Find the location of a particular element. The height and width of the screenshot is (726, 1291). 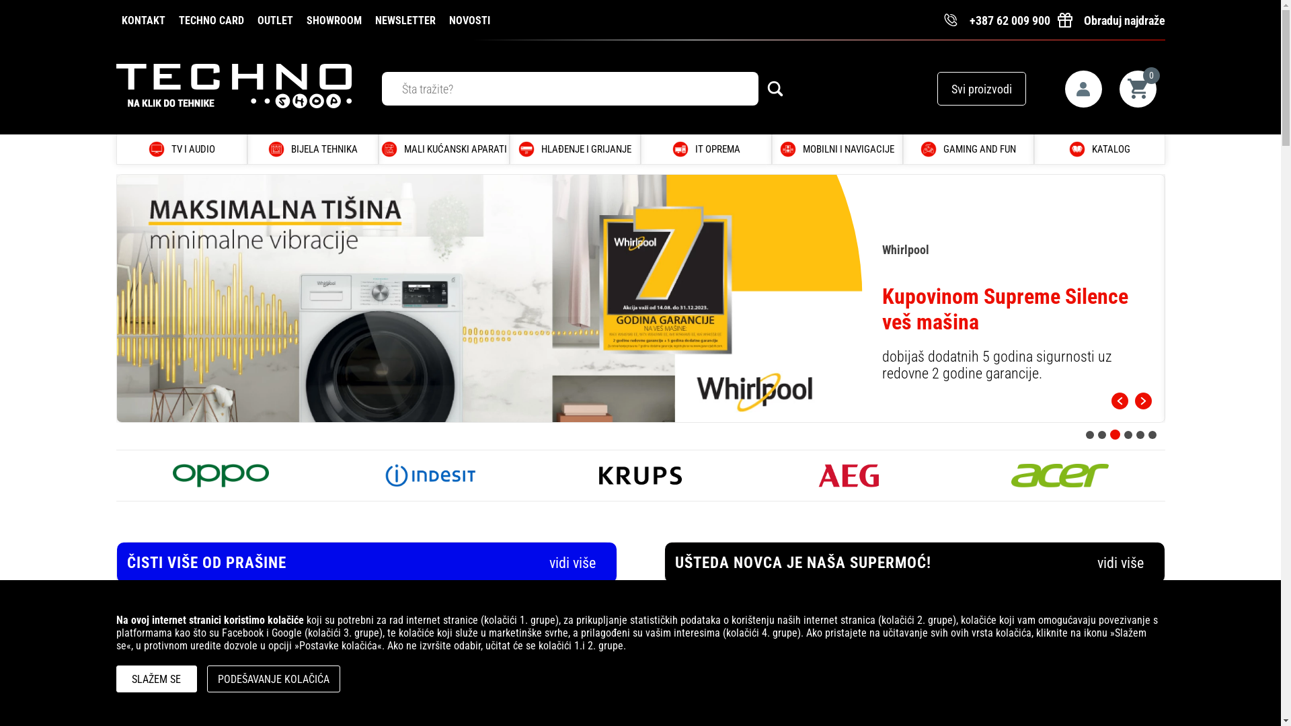

'Svi proizvodi' is located at coordinates (936, 88).